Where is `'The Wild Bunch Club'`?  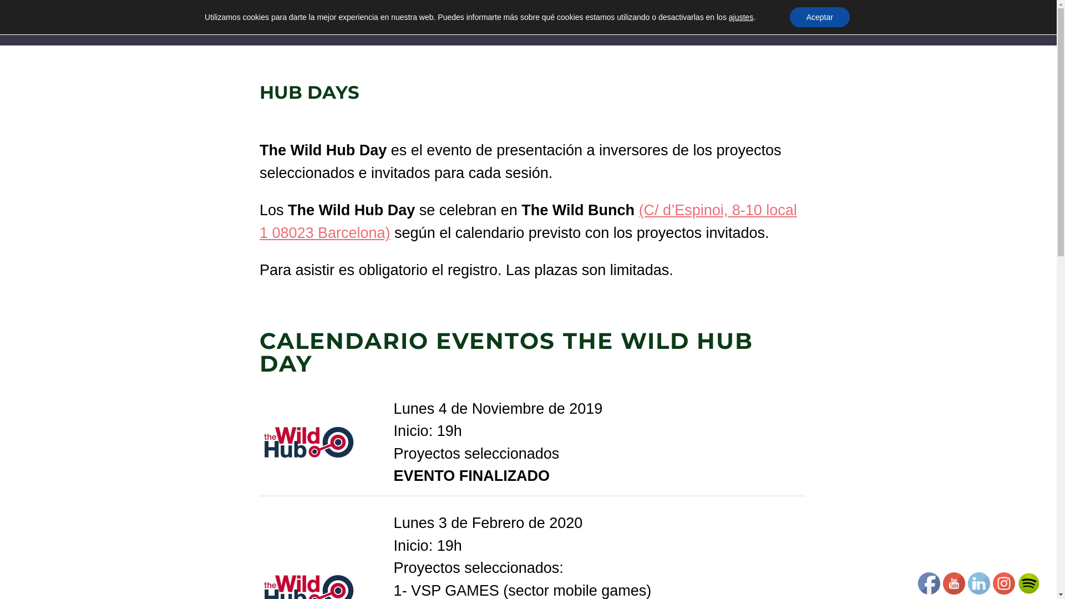
'The Wild Bunch Club' is located at coordinates (820, 23).